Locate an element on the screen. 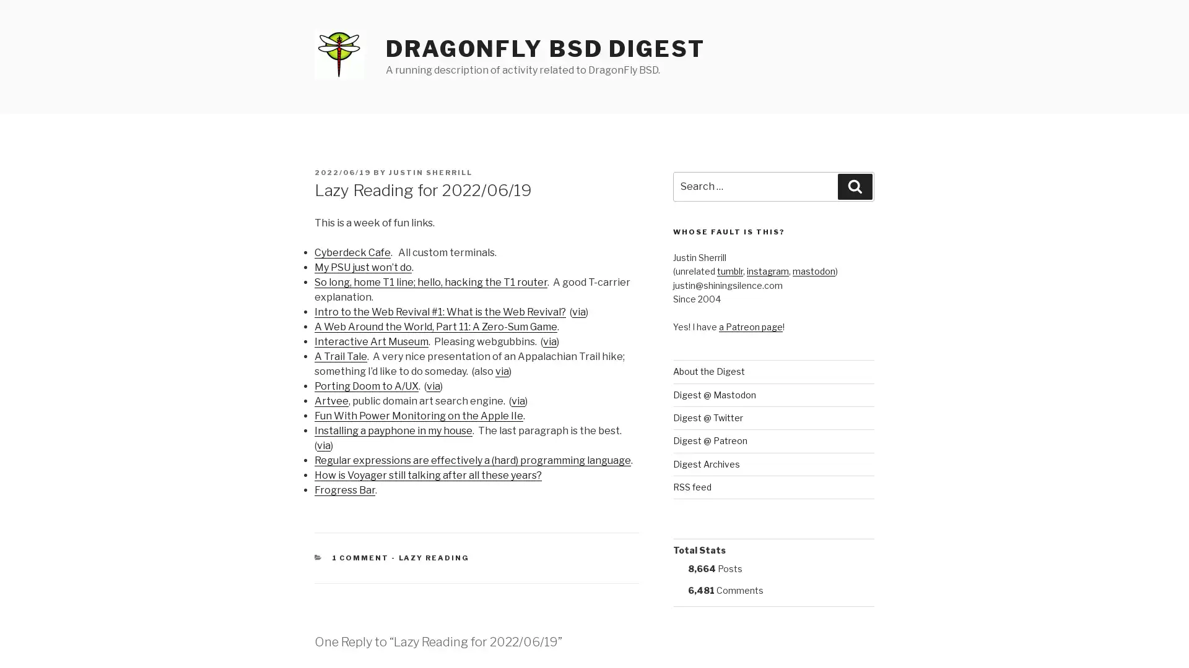  Search is located at coordinates (855, 186).